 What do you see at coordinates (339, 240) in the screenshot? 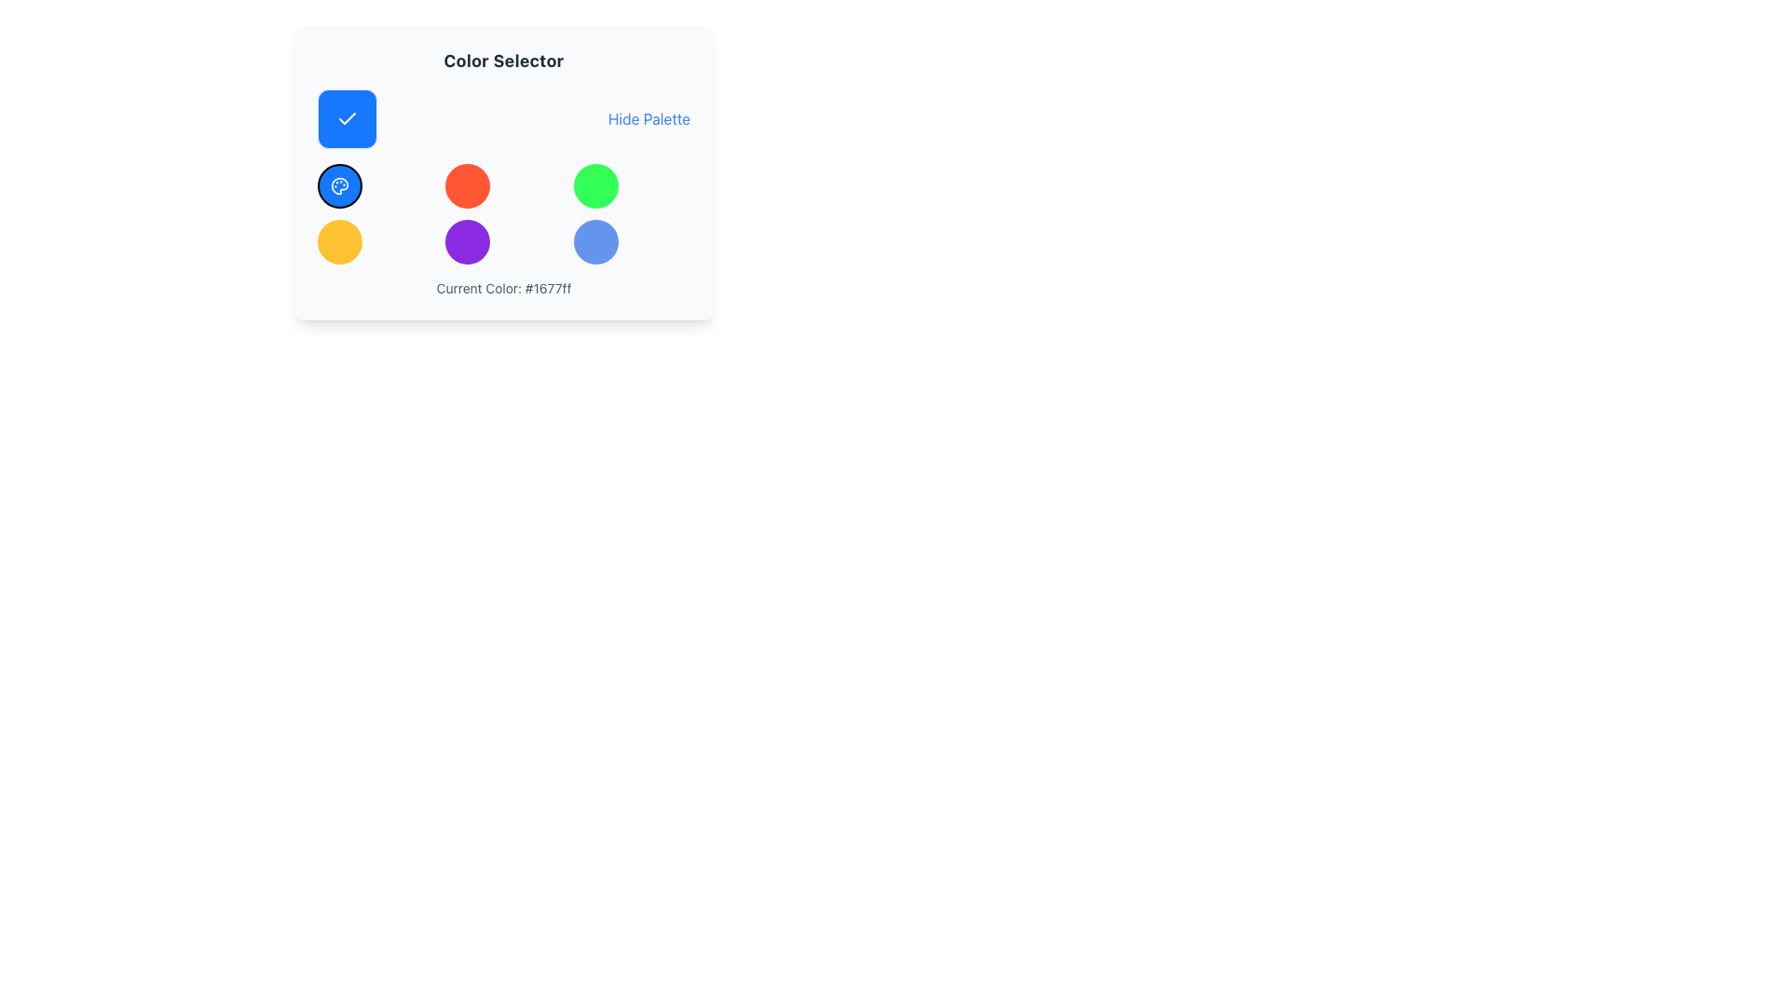
I see `the circular button with a yellow background located in the third row and first column of the grid layout` at bounding box center [339, 240].